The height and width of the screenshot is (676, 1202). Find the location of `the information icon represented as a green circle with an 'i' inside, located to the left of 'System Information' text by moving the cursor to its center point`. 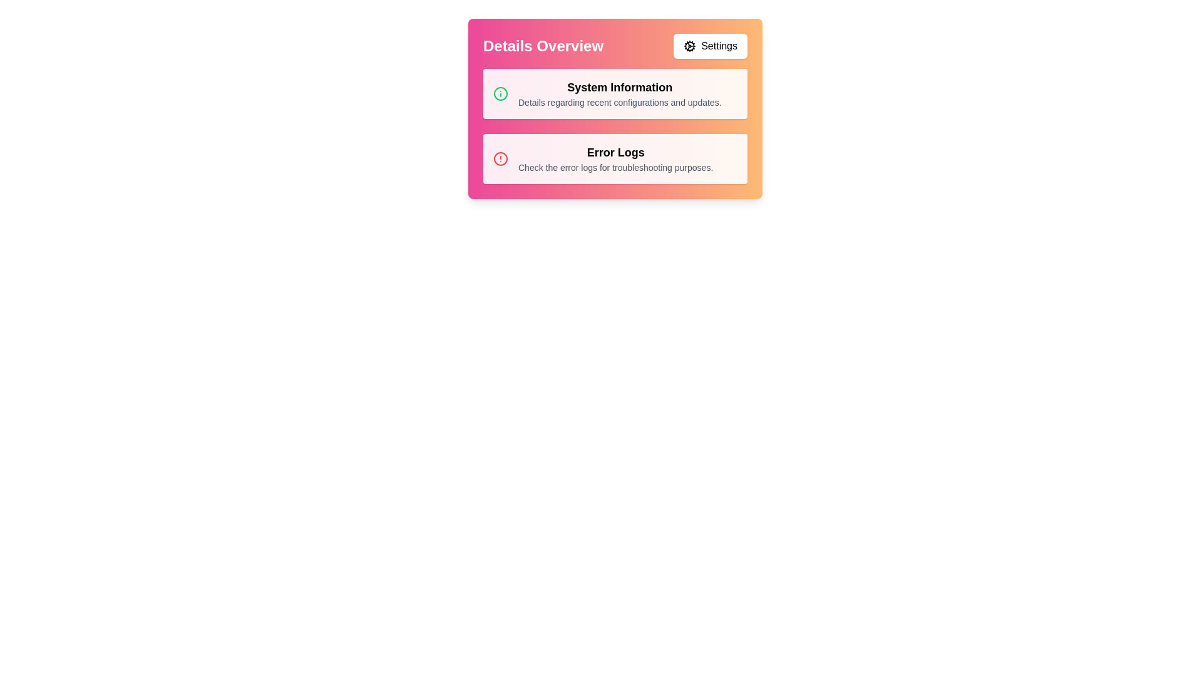

the information icon represented as a green circle with an 'i' inside, located to the left of 'System Information' text by moving the cursor to its center point is located at coordinates (501, 93).